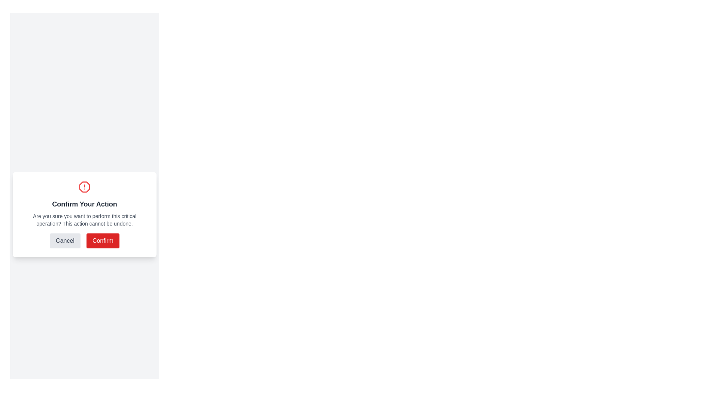  Describe the element at coordinates (84, 241) in the screenshot. I see `the Button Group located at the bottom of the modal dialog box, centered horizontally, to observe the hover effects` at that location.